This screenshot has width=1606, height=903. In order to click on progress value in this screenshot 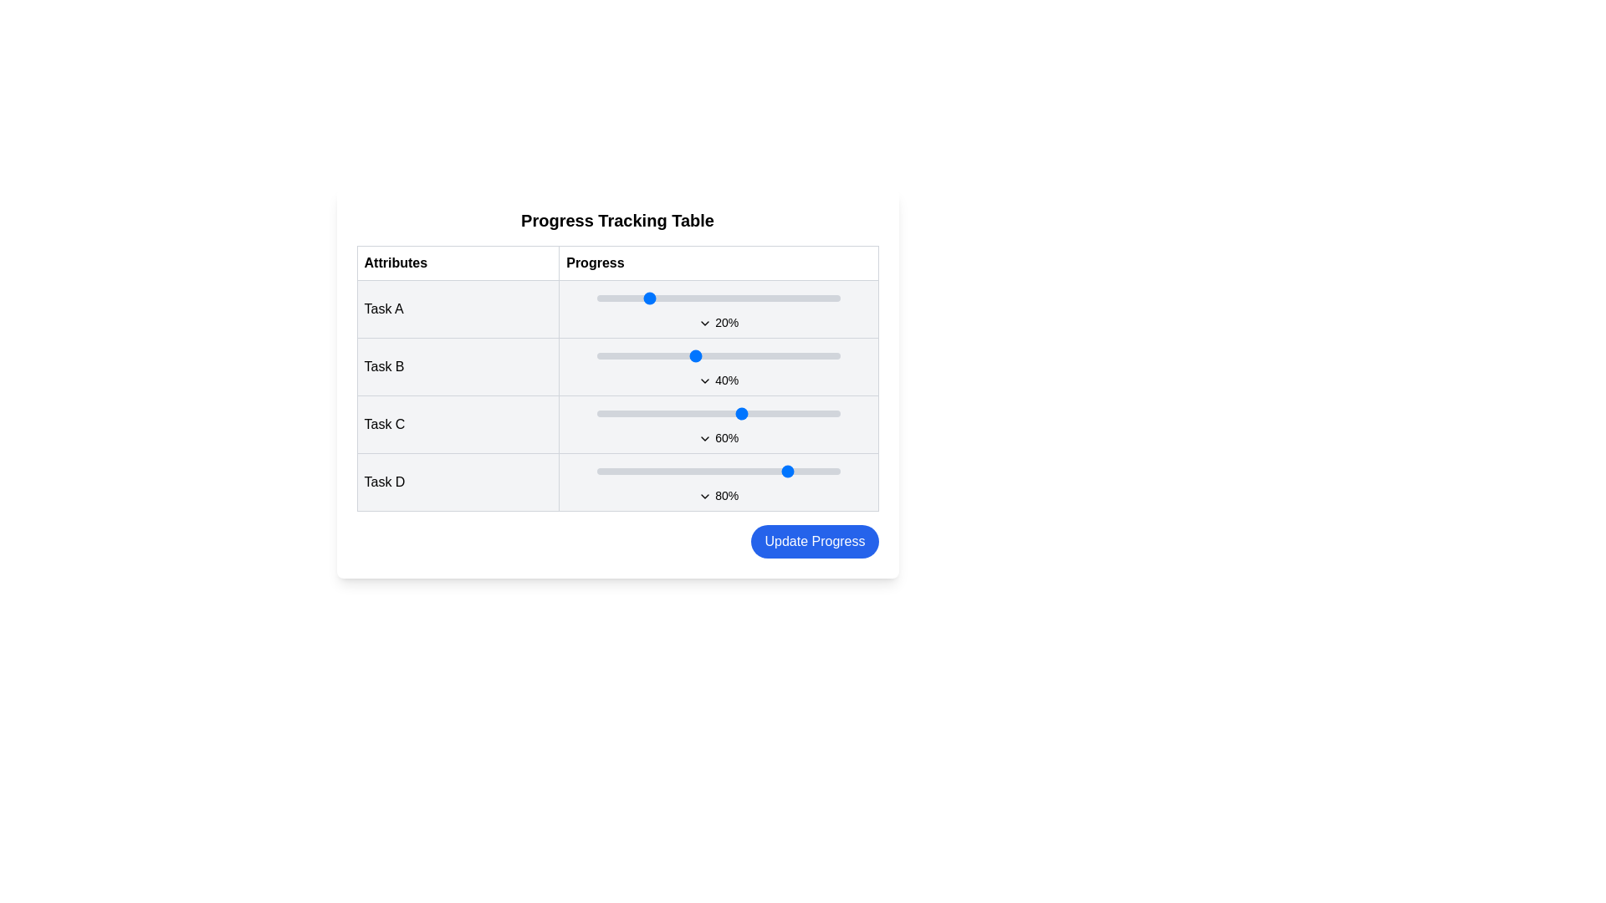, I will do `click(811, 298)`.